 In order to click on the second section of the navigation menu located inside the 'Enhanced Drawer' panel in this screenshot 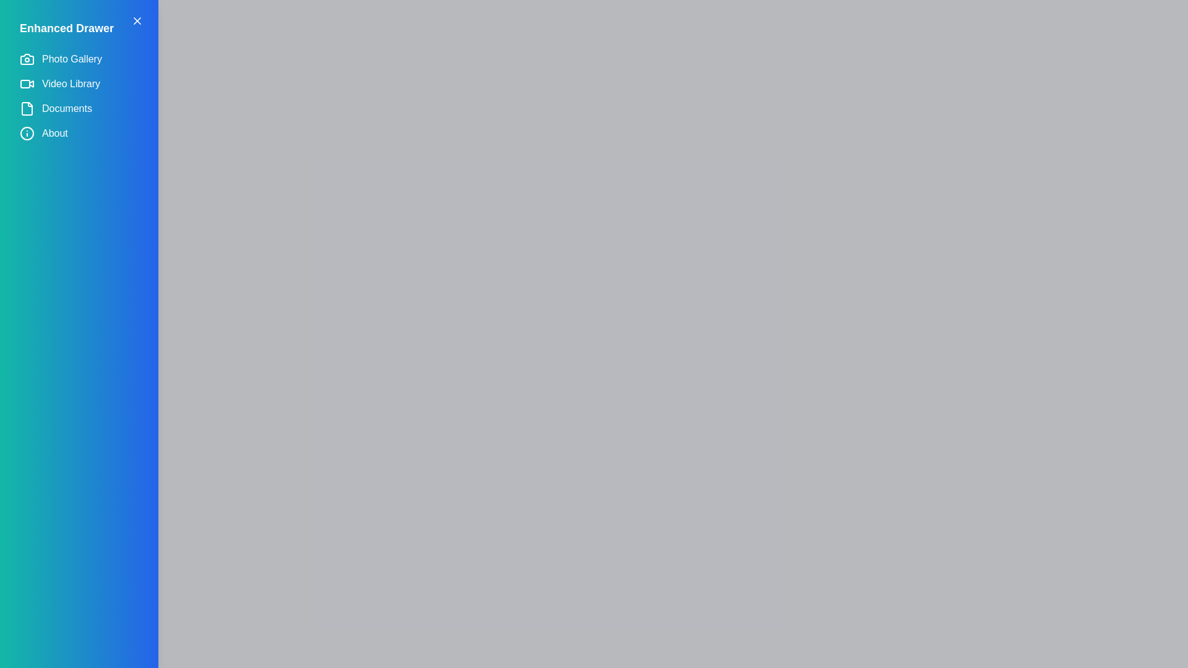, I will do `click(79, 95)`.